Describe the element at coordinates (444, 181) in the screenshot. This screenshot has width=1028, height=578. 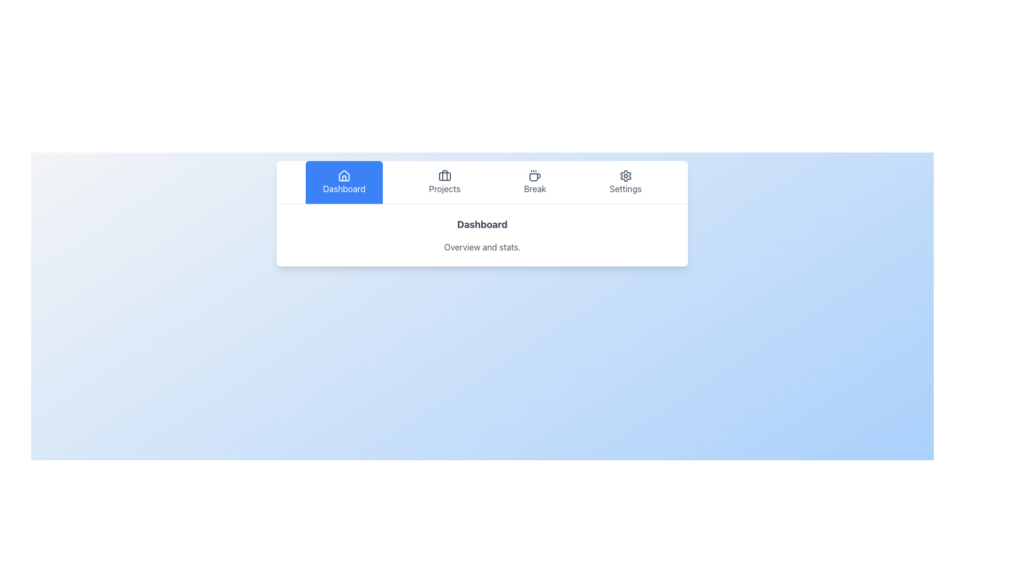
I see `the Navigation Button labeled 'Projects', which features a briefcase icon and is positioned between the 'Dashboard' and 'Break' buttons in the navigation menu` at that location.